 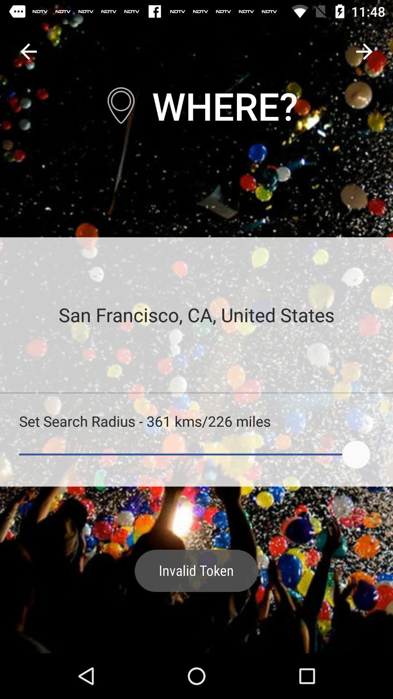 I want to click on the arrow_backward icon, so click(x=28, y=51).